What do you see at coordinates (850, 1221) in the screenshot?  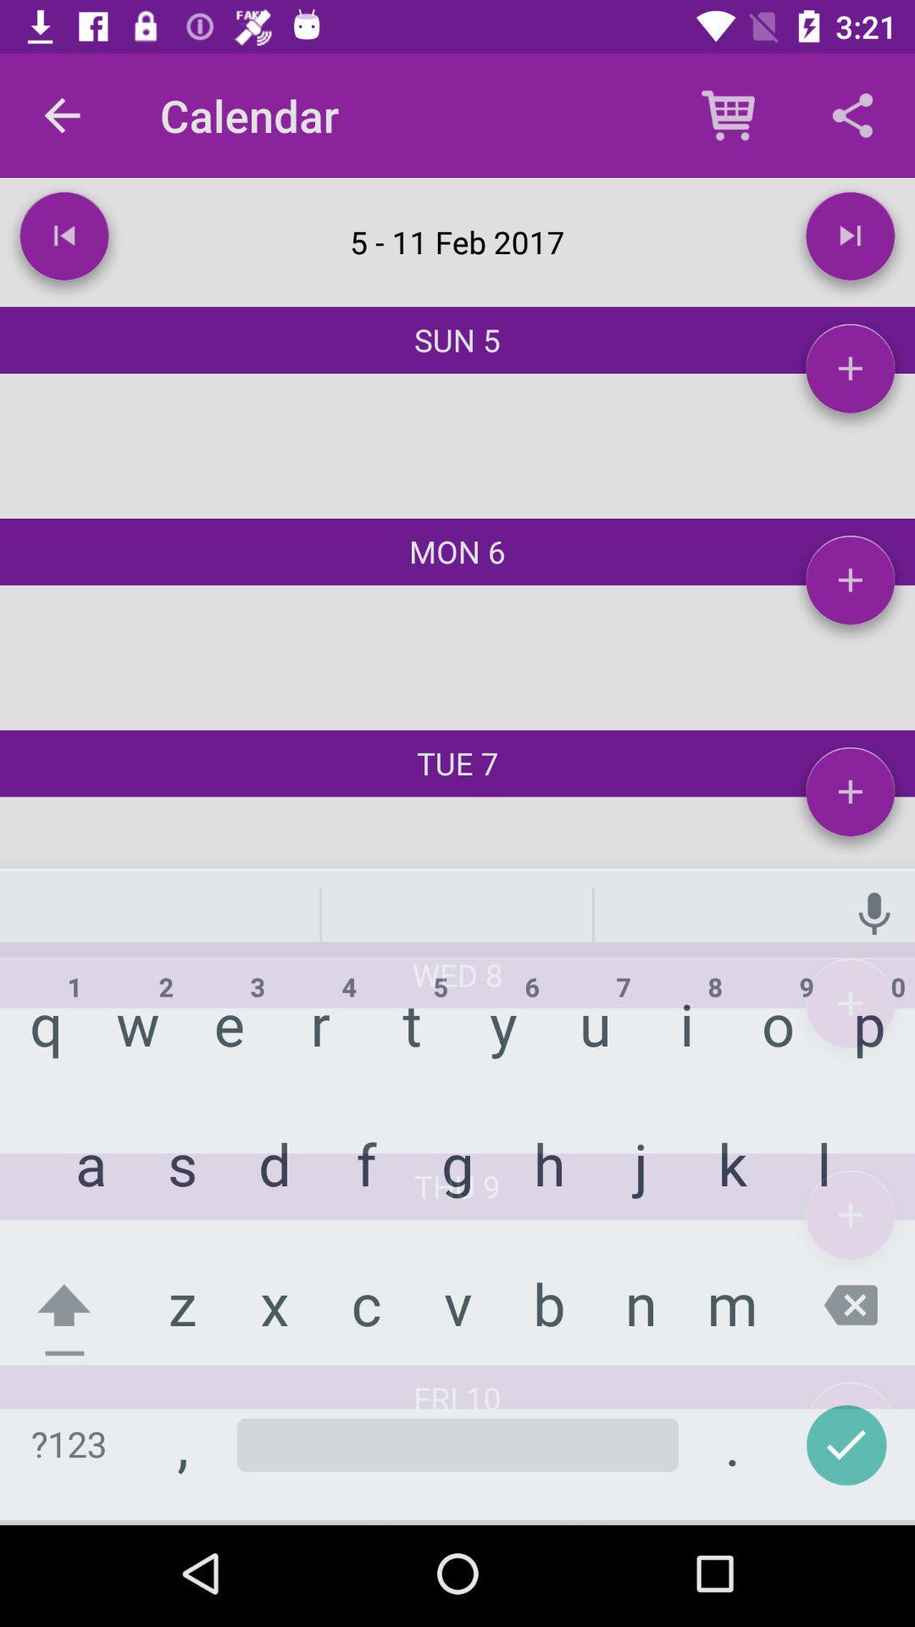 I see `the add icon` at bounding box center [850, 1221].